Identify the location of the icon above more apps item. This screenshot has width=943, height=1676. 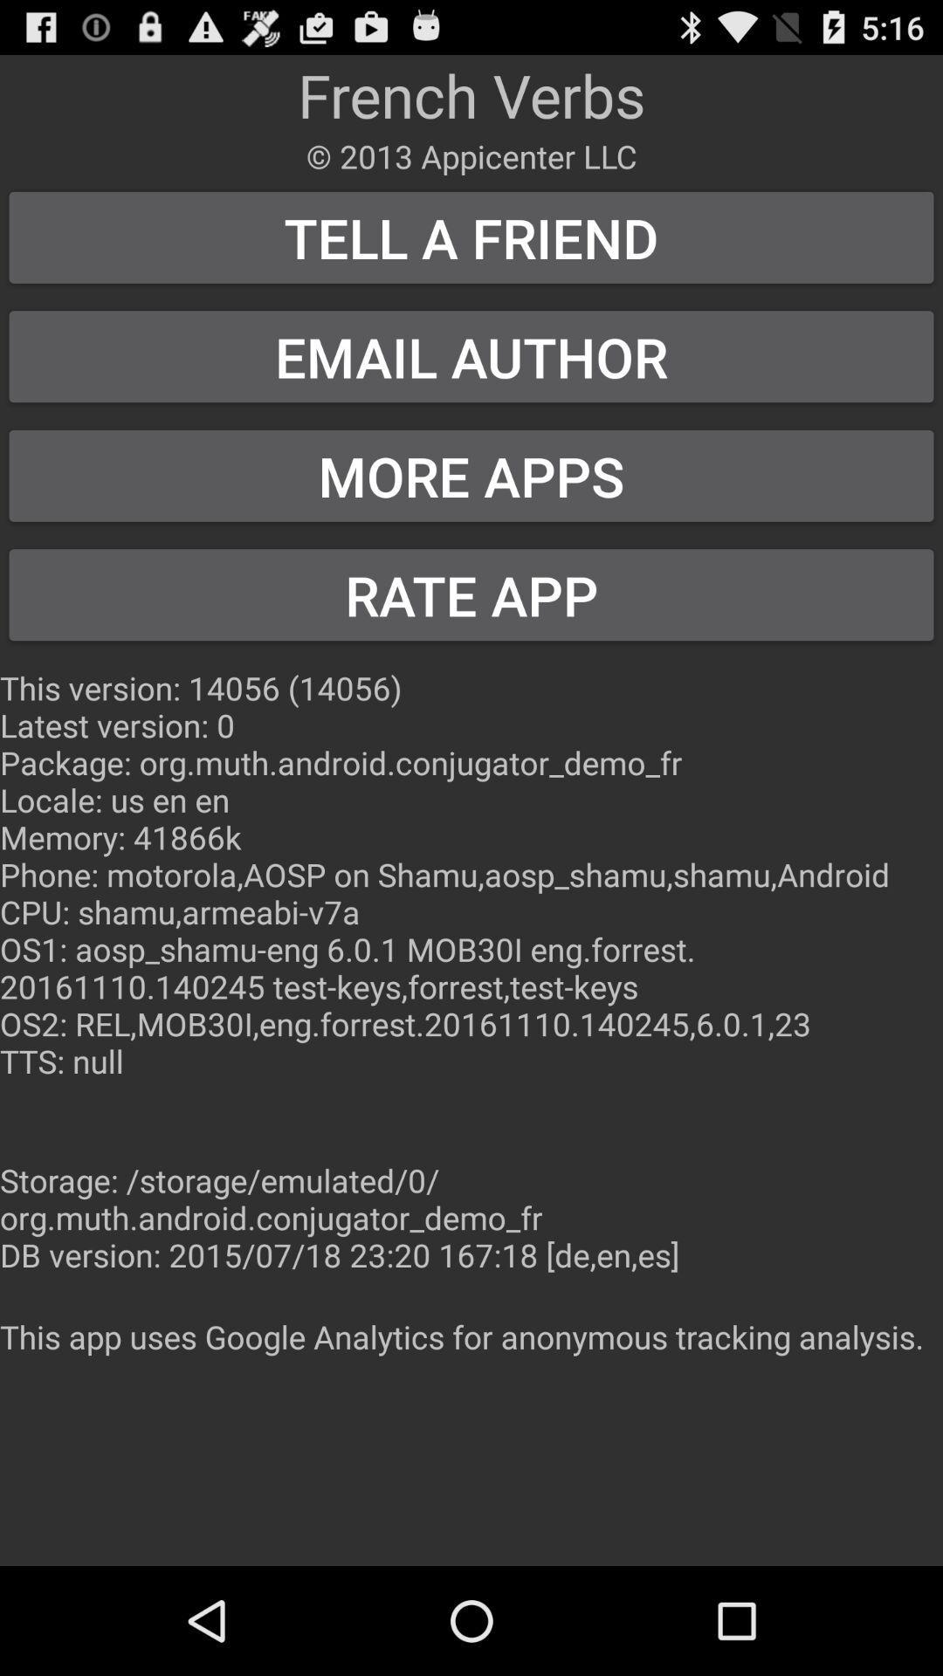
(471, 355).